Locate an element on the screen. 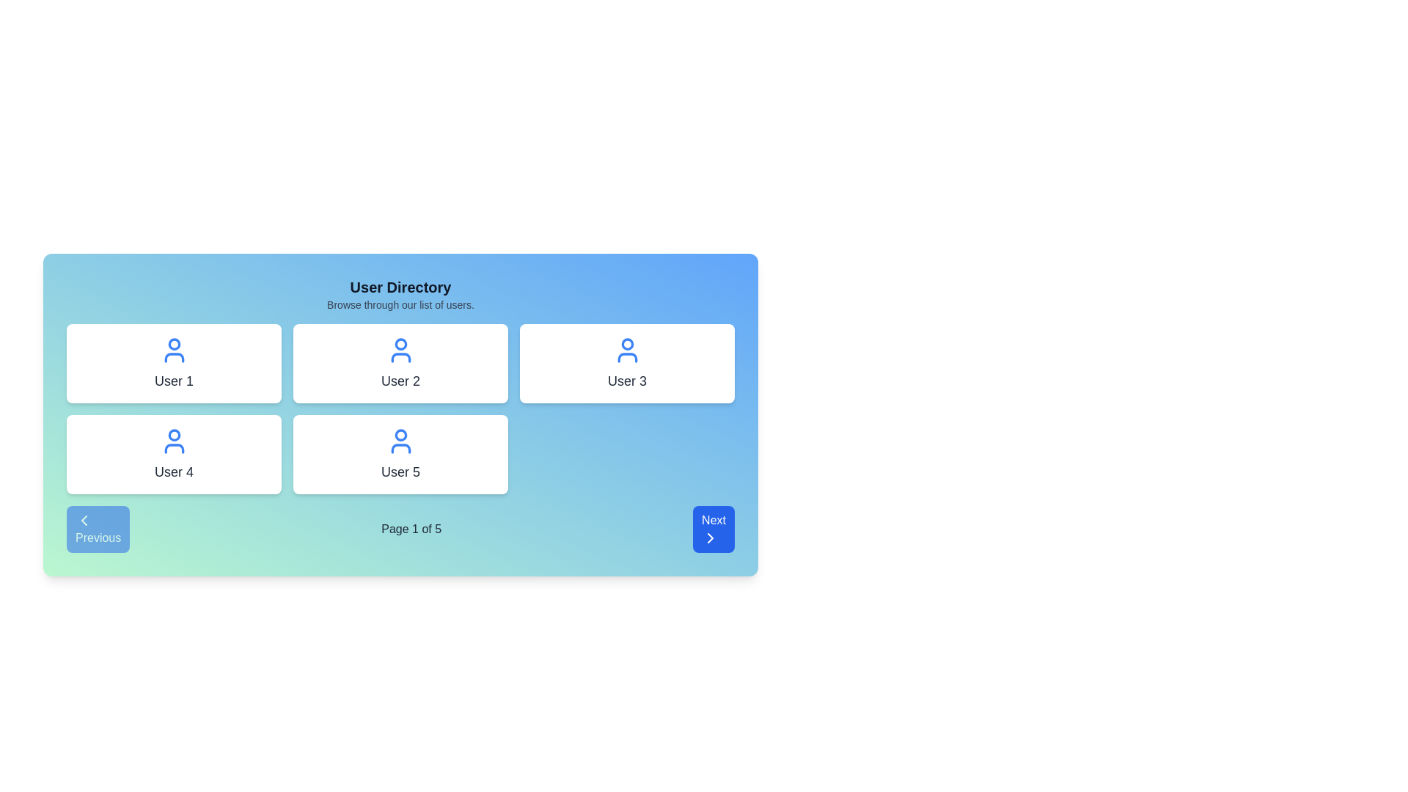  the user avatar icon, which is a circular SVG element representing 'User 1' in the user directory interface, located in the first row and first column of the grid layout is located at coordinates (174, 344).